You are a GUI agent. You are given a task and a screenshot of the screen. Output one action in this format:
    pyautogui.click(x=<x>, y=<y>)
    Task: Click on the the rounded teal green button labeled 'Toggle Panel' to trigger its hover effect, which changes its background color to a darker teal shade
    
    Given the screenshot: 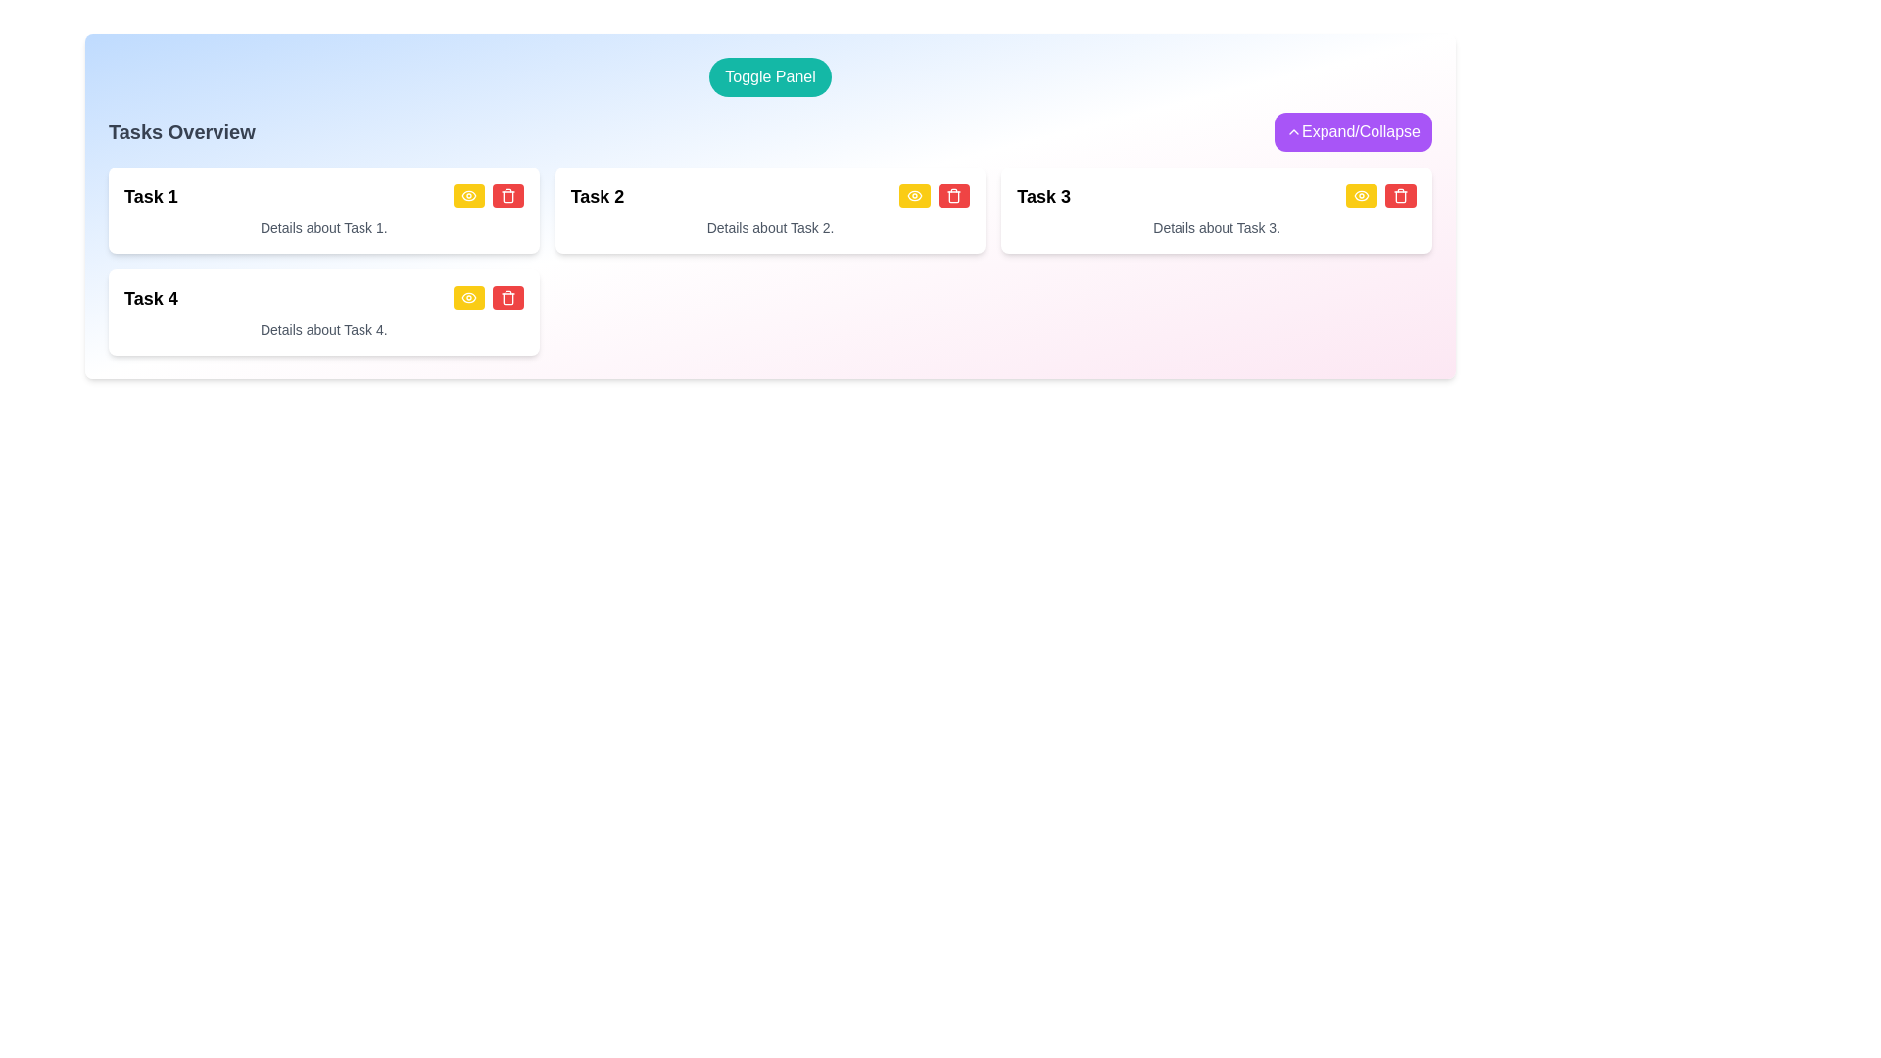 What is the action you would take?
    pyautogui.click(x=769, y=75)
    